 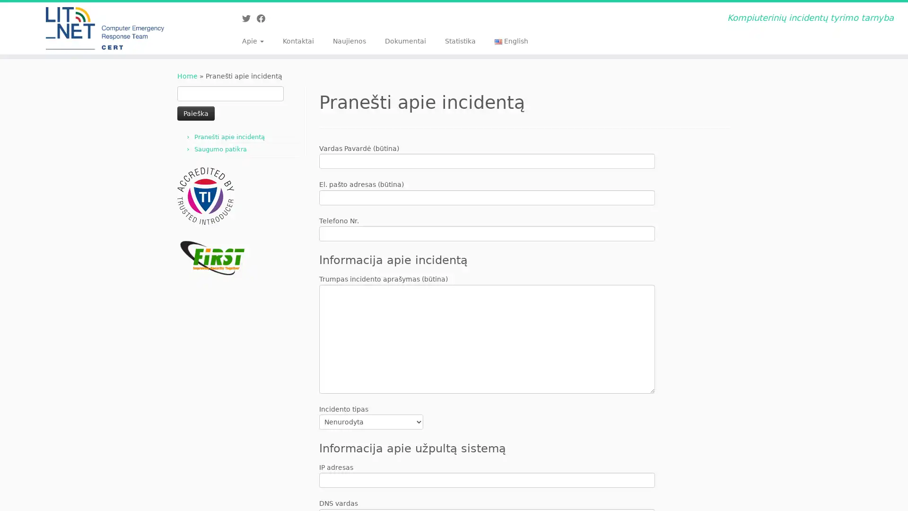 What do you see at coordinates (195, 113) in the screenshot?
I see `Paieska` at bounding box center [195, 113].